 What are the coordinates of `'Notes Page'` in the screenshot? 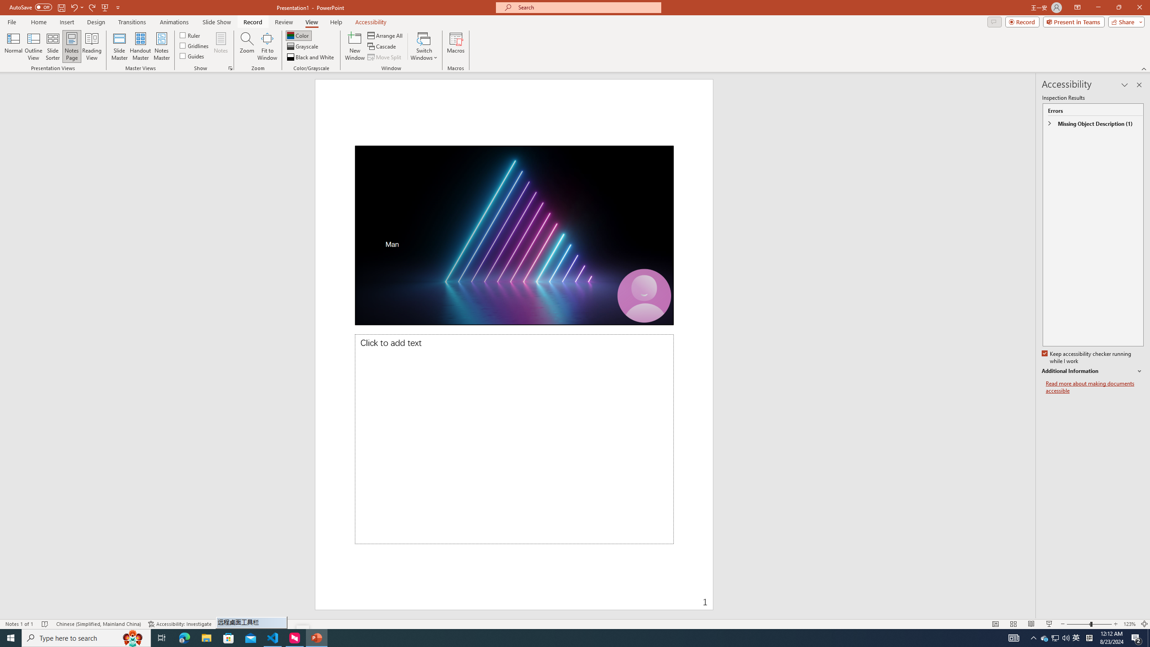 It's located at (71, 46).